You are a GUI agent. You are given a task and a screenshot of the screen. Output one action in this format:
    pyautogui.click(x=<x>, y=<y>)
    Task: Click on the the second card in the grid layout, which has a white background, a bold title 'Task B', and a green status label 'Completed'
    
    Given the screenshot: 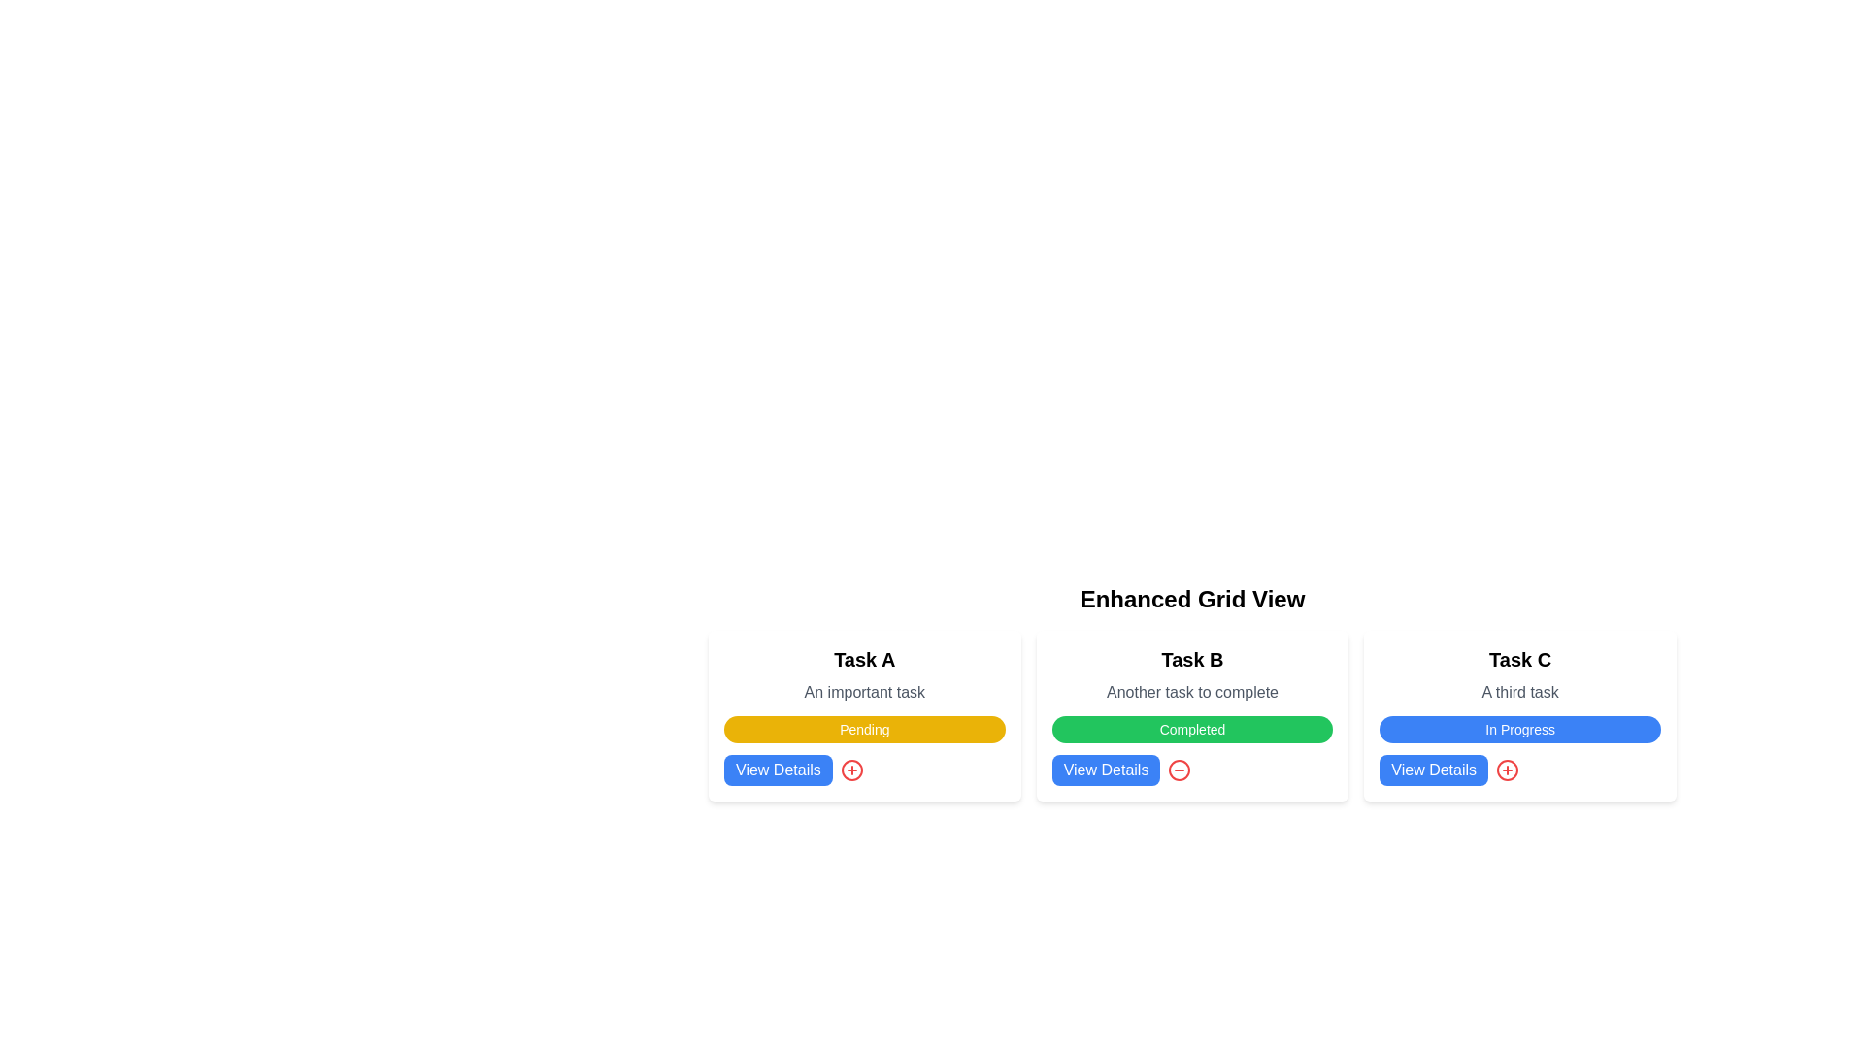 What is the action you would take?
    pyautogui.click(x=1191, y=715)
    